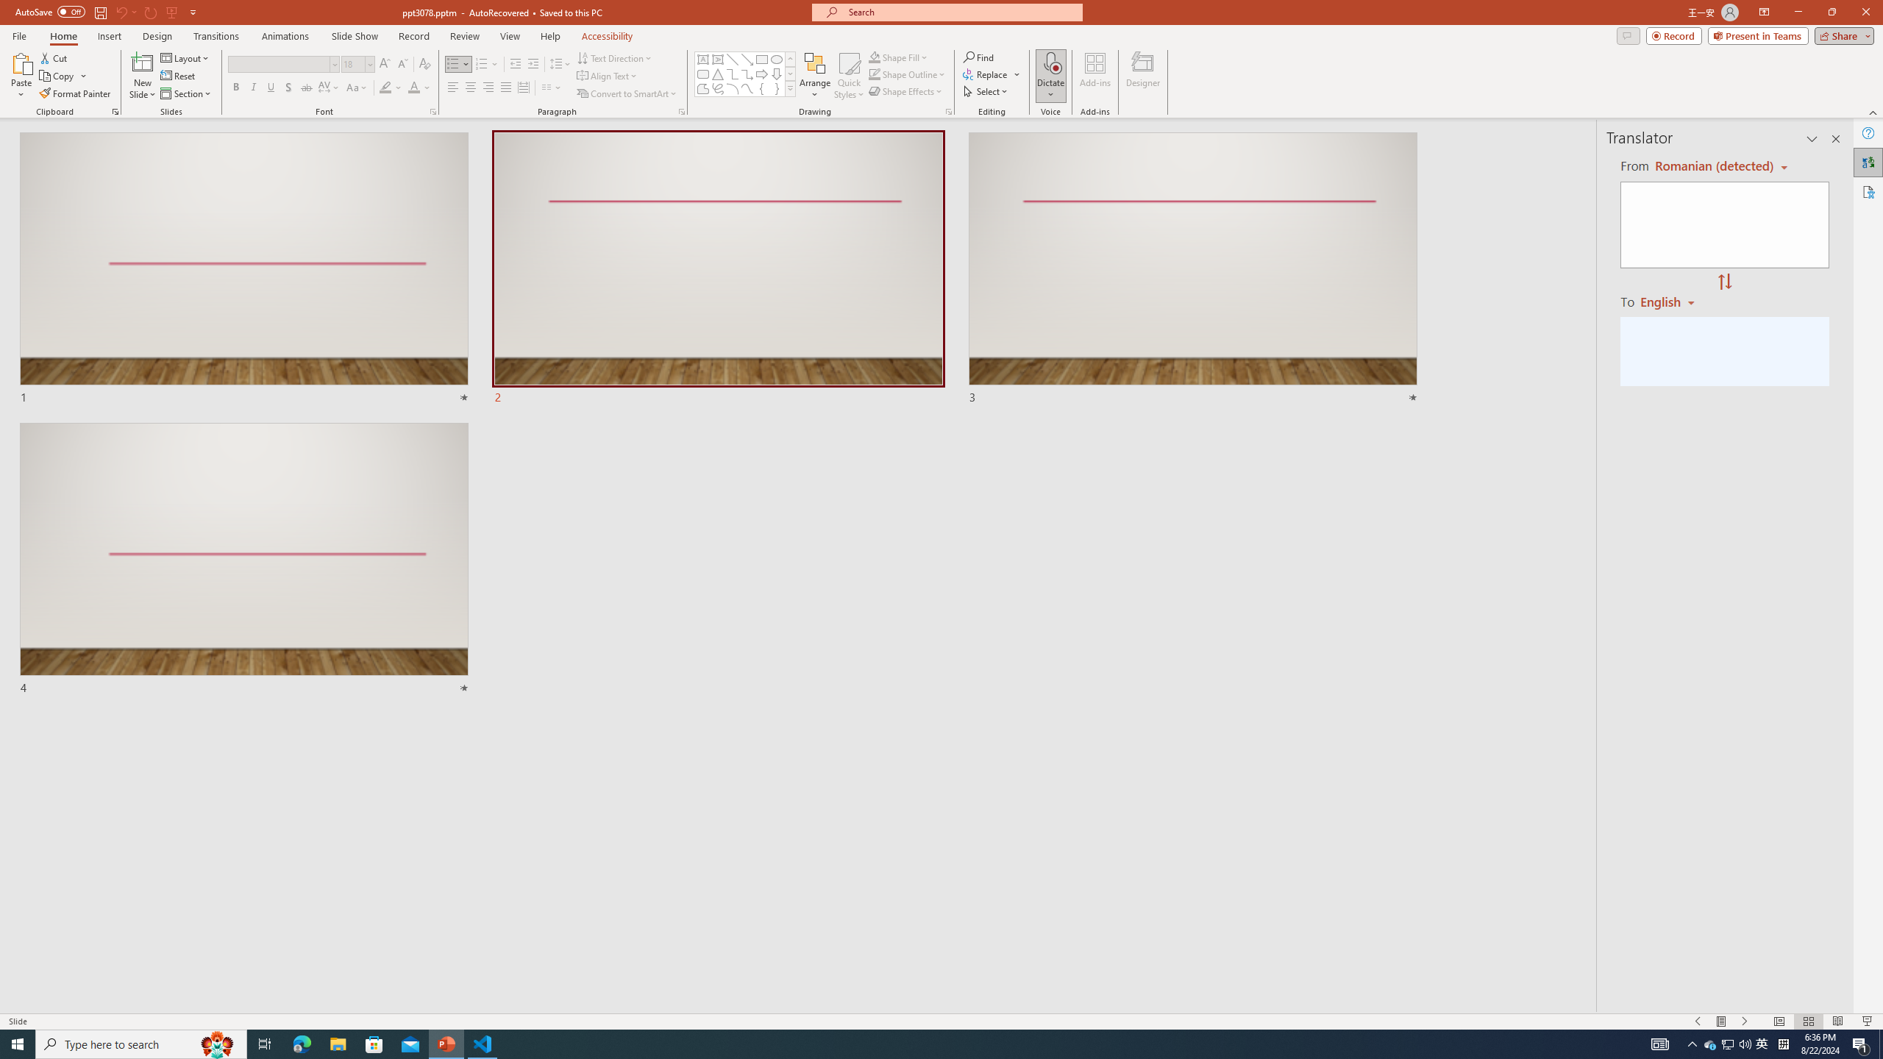  What do you see at coordinates (1698, 1021) in the screenshot?
I see `'Slide Show Previous On'` at bounding box center [1698, 1021].